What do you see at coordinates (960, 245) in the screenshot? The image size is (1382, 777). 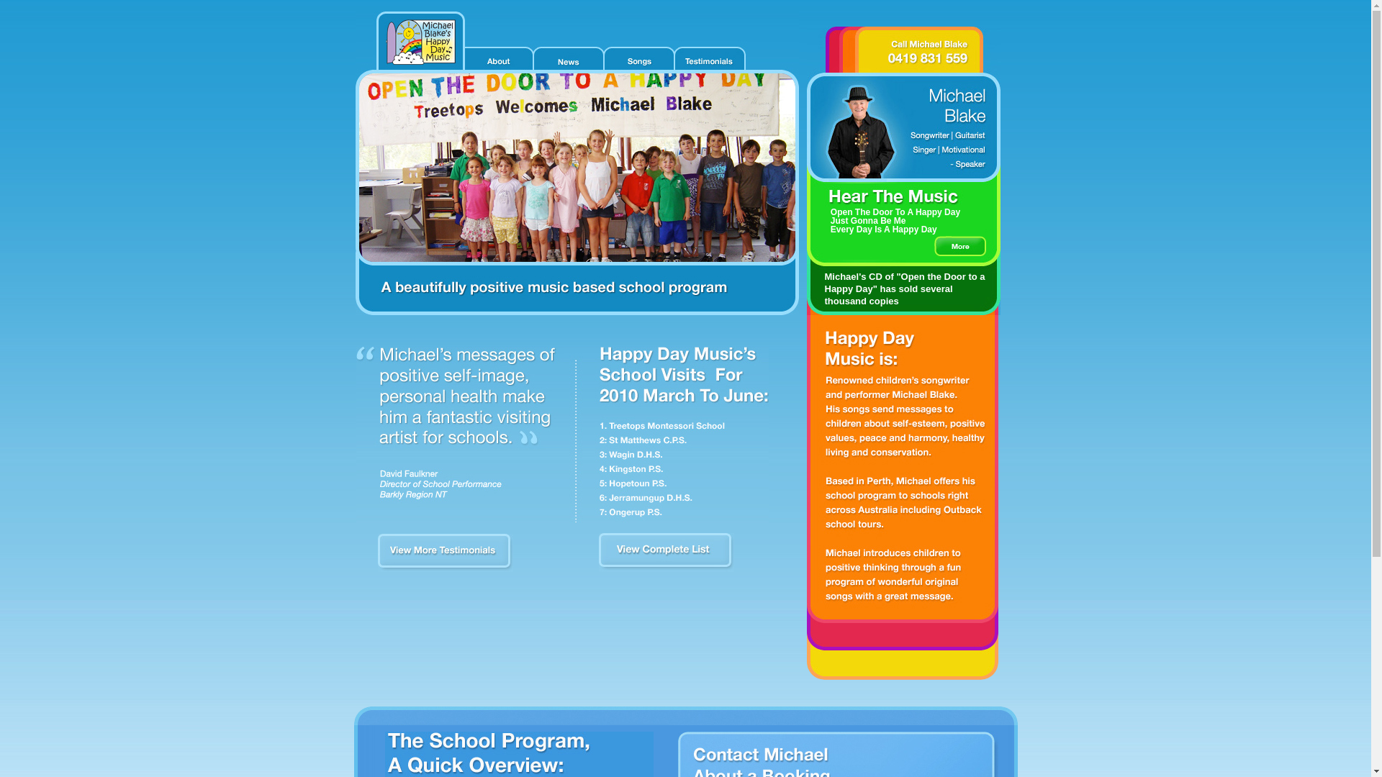 I see `'More...'` at bounding box center [960, 245].